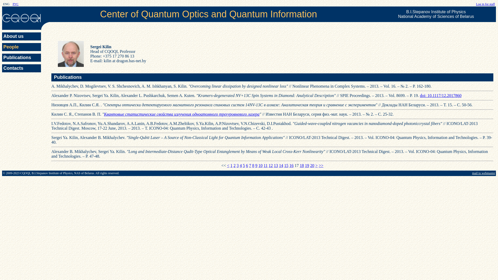  Describe the element at coordinates (312, 165) in the screenshot. I see `'20'` at that location.